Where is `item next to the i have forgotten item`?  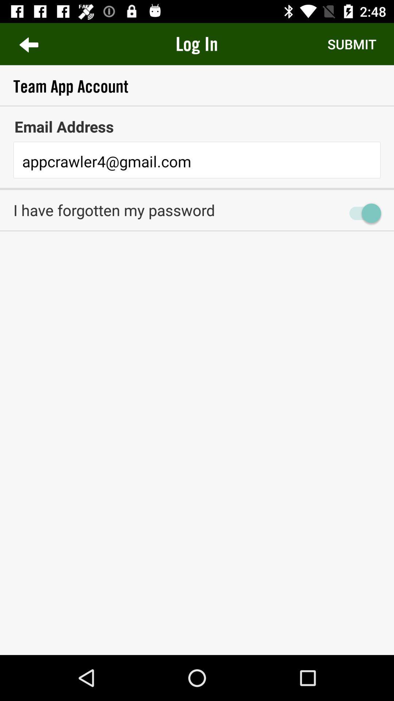
item next to the i have forgotten item is located at coordinates (362, 212).